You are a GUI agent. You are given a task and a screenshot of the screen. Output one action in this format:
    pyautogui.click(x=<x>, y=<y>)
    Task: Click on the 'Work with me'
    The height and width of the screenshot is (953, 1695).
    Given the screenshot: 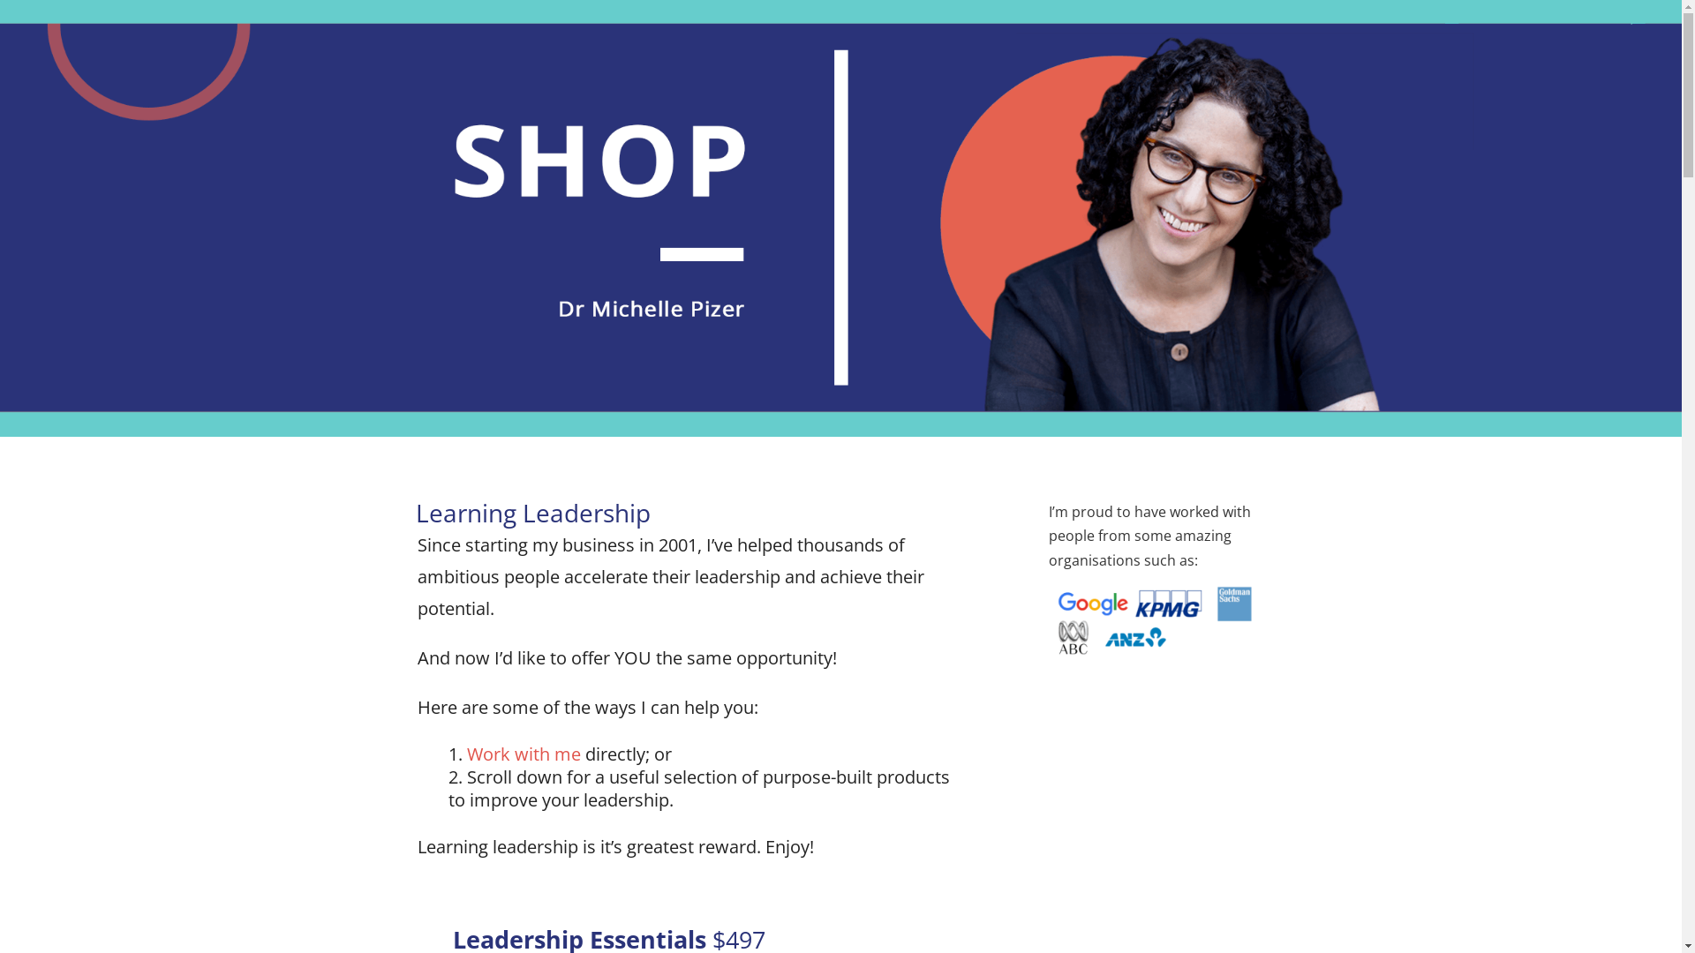 What is the action you would take?
    pyautogui.click(x=466, y=754)
    